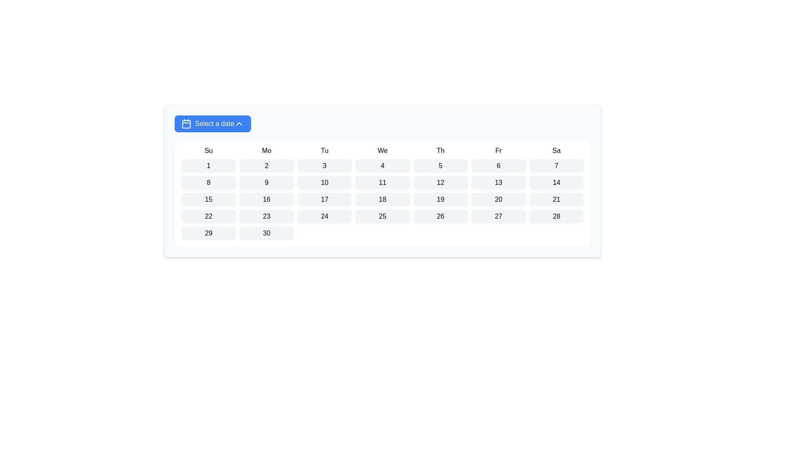 The height and width of the screenshot is (455, 810). Describe the element at coordinates (440, 182) in the screenshot. I see `the Button-like calendar day cell displaying the date '12'` at that location.